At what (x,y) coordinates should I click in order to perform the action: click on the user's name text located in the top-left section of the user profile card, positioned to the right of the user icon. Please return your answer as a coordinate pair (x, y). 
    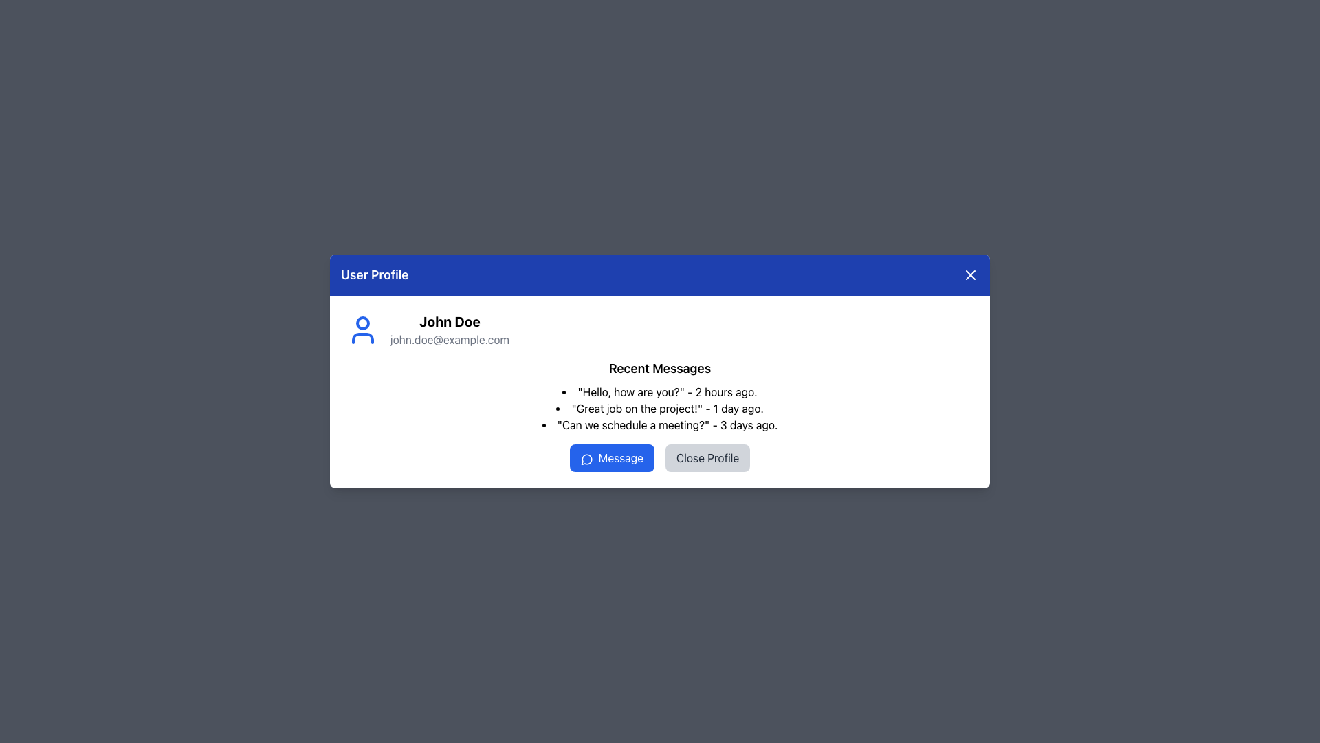
    Looking at the image, I should click on (450, 321).